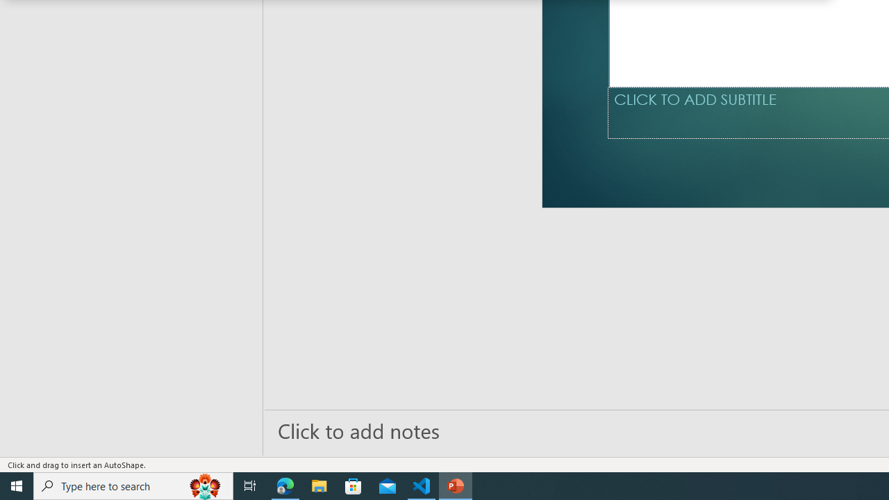 The height and width of the screenshot is (500, 889). What do you see at coordinates (285, 485) in the screenshot?
I see `'Microsoft Edge - 1 running window'` at bounding box center [285, 485].